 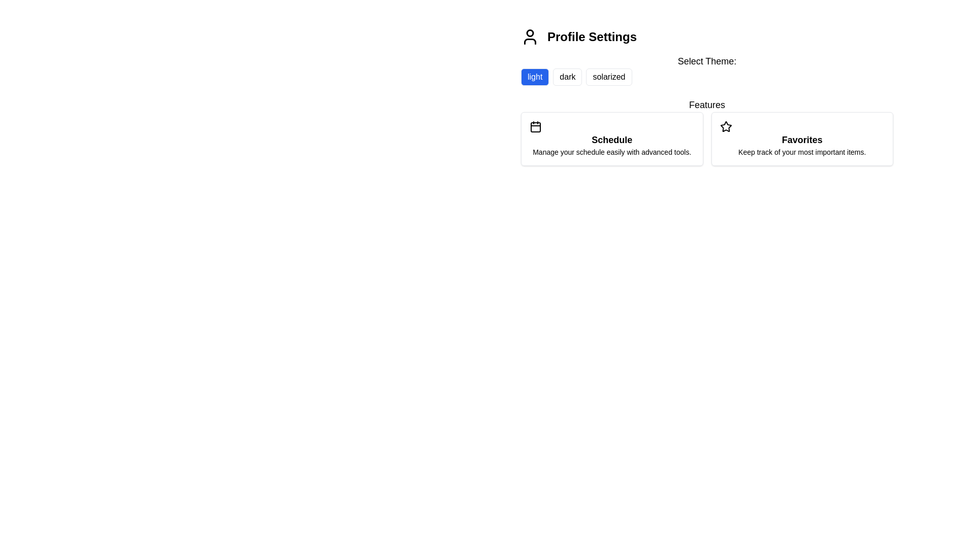 I want to click on the static text label for the 'Favorites' feature, which is located in the second feature card, directly below the star icon and above the descriptive text, so click(x=801, y=140).